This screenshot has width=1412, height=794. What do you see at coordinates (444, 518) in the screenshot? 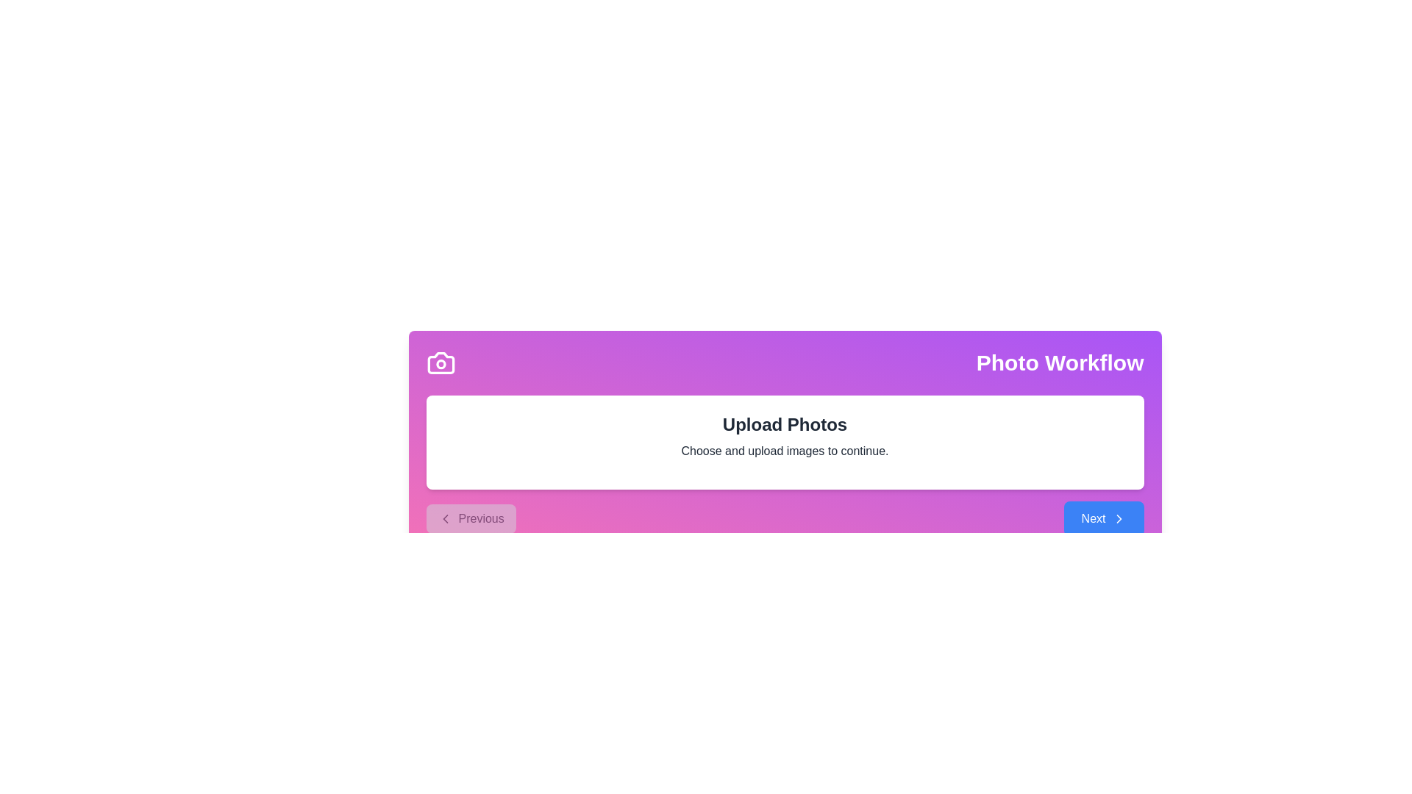
I see `the leftward-pointing chevron arrow icon located at the bottom-left corner of the card's content area, which is adjacent to the 'Previous' text label` at bounding box center [444, 518].